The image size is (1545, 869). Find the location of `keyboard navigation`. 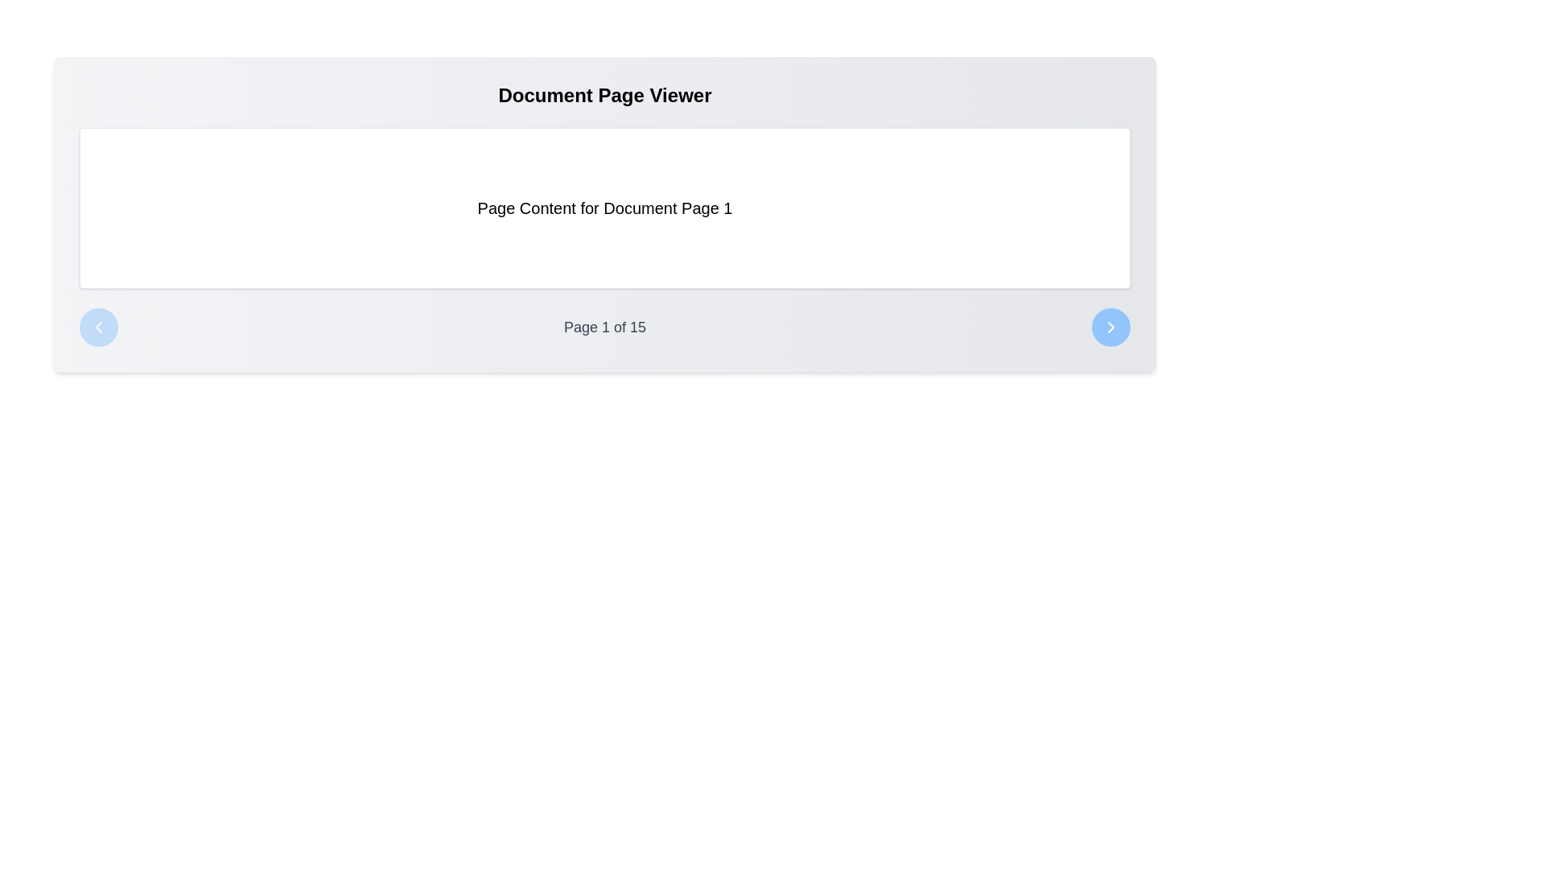

keyboard navigation is located at coordinates (1110, 327).